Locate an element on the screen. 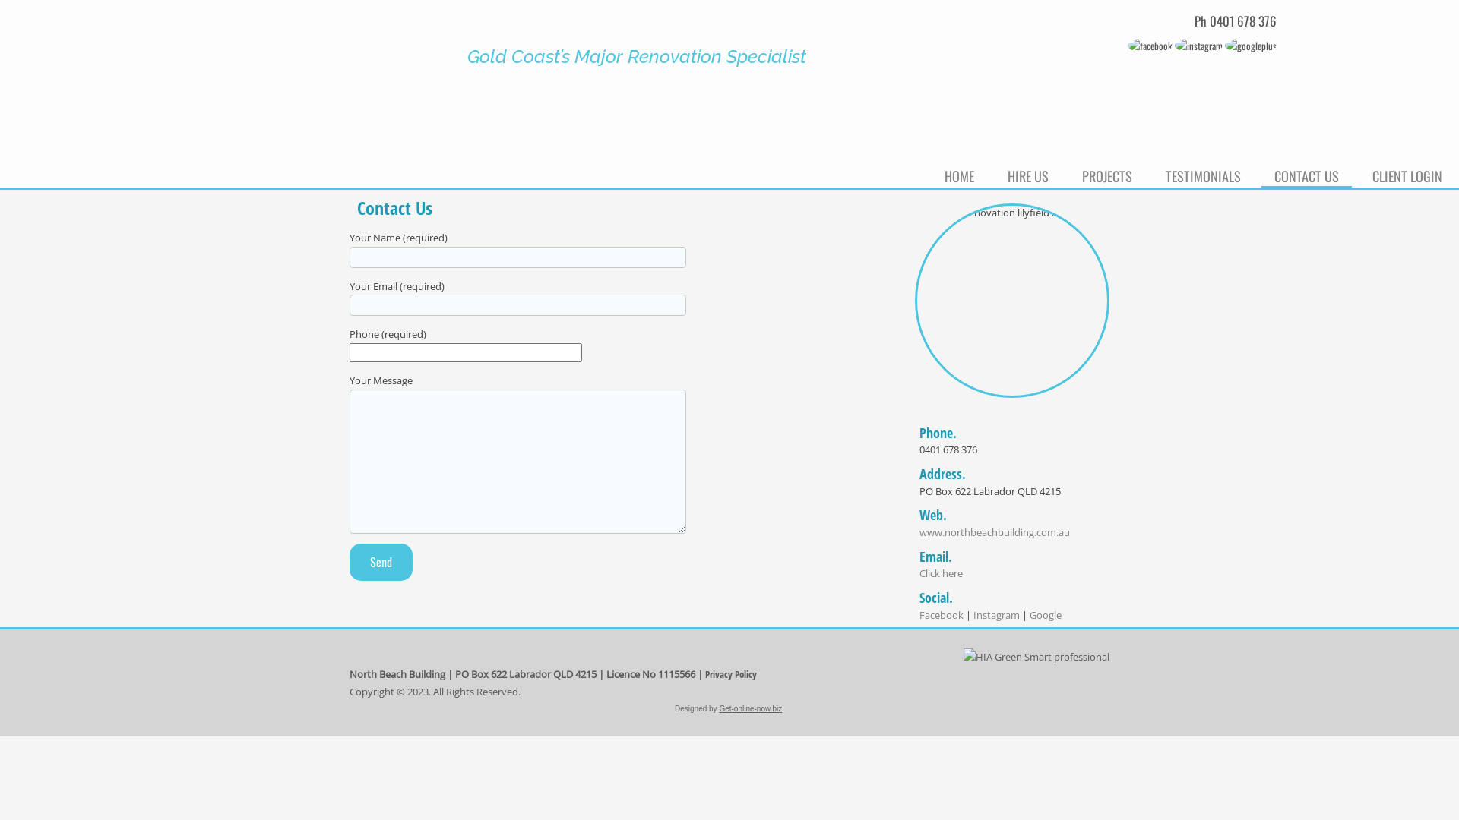 This screenshot has width=1459, height=820. 'HIRE US' is located at coordinates (1028, 172).